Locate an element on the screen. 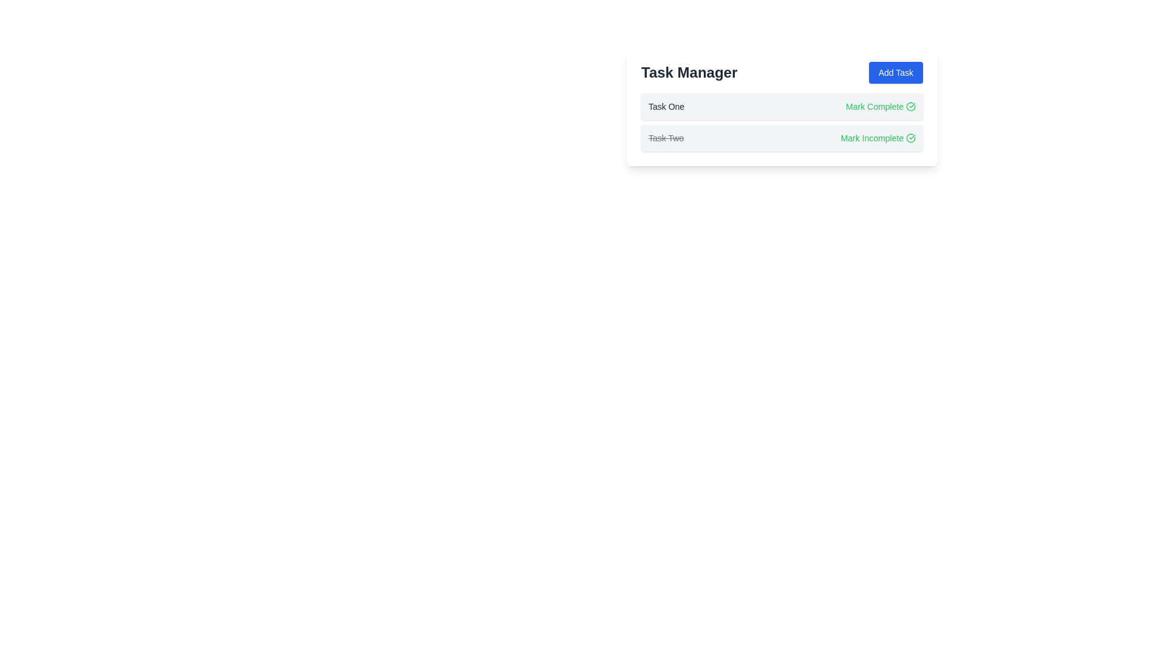 This screenshot has height=655, width=1166. the text label displaying 'Task One' in a small-sized sans-serif font, styled with dark gray color, located on a light-gray background as the leftmost text in the first row of a list of tasks is located at coordinates (666, 106).